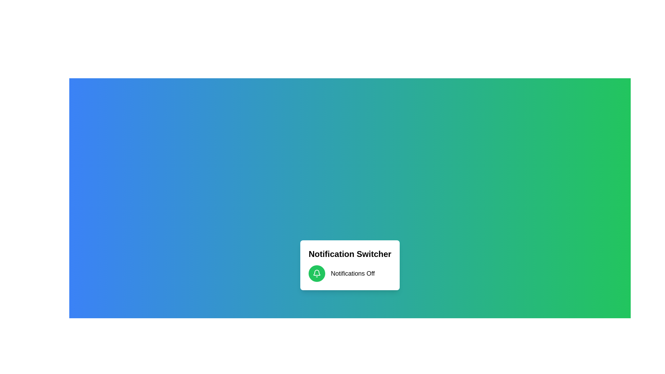 The image size is (665, 374). What do you see at coordinates (317, 273) in the screenshot?
I see `the green notification button located to the left of the 'Notifications Off' text label, which toggles the notification status` at bounding box center [317, 273].